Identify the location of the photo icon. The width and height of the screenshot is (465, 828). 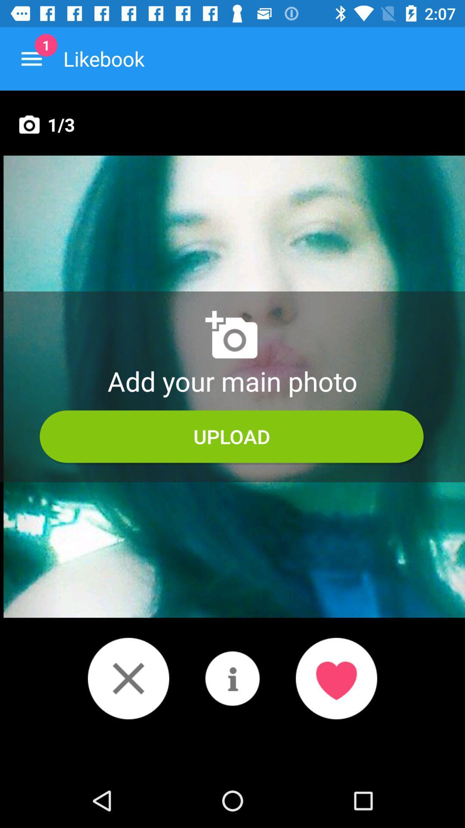
(232, 335).